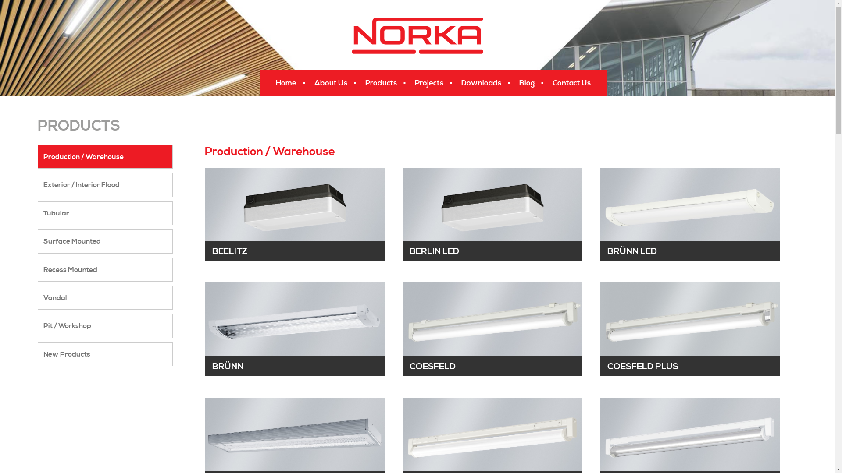  What do you see at coordinates (105, 354) in the screenshot?
I see `'New Products'` at bounding box center [105, 354].